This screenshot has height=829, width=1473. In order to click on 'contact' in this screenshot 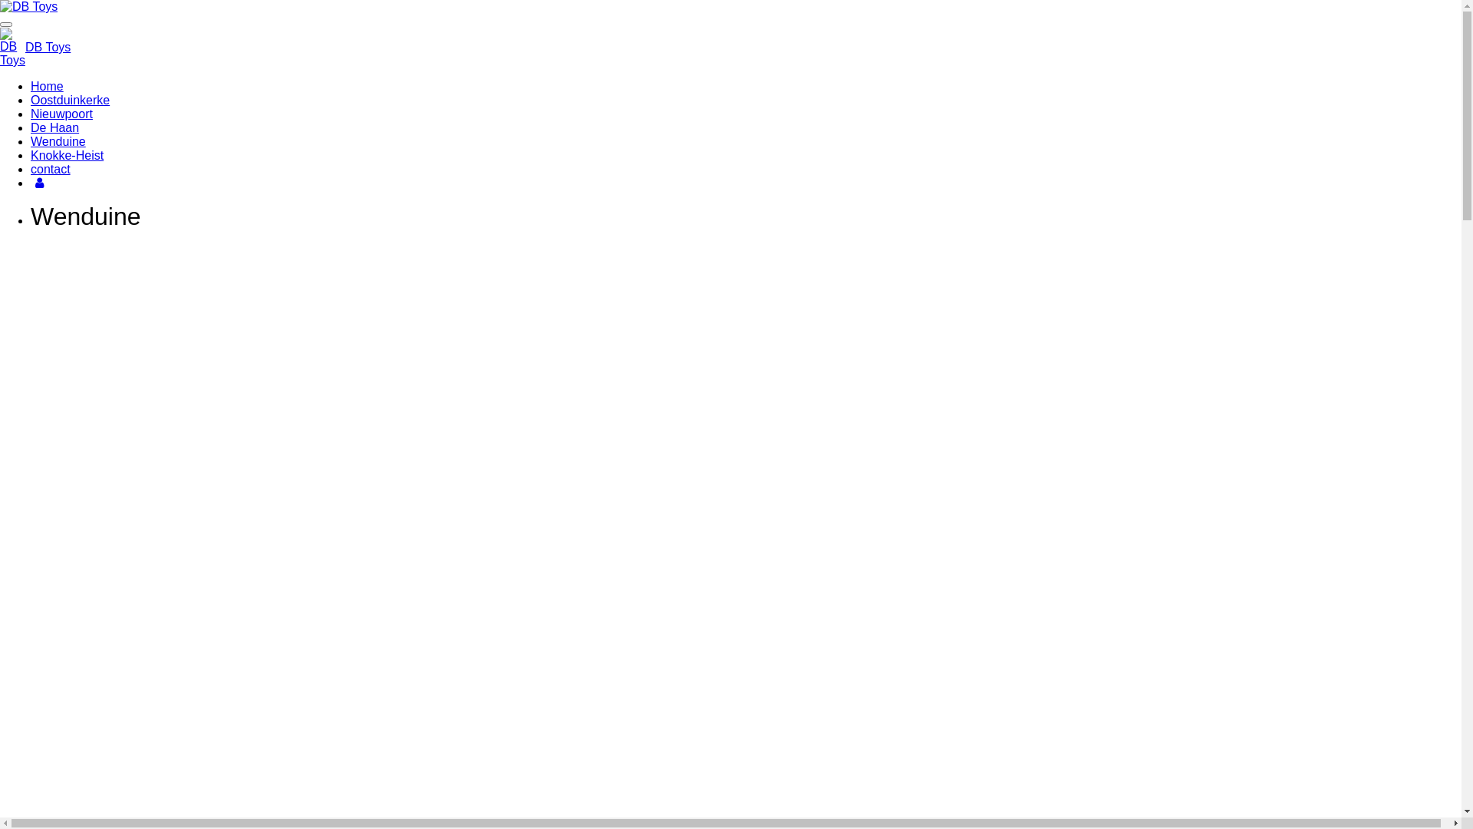, I will do `click(51, 169)`.